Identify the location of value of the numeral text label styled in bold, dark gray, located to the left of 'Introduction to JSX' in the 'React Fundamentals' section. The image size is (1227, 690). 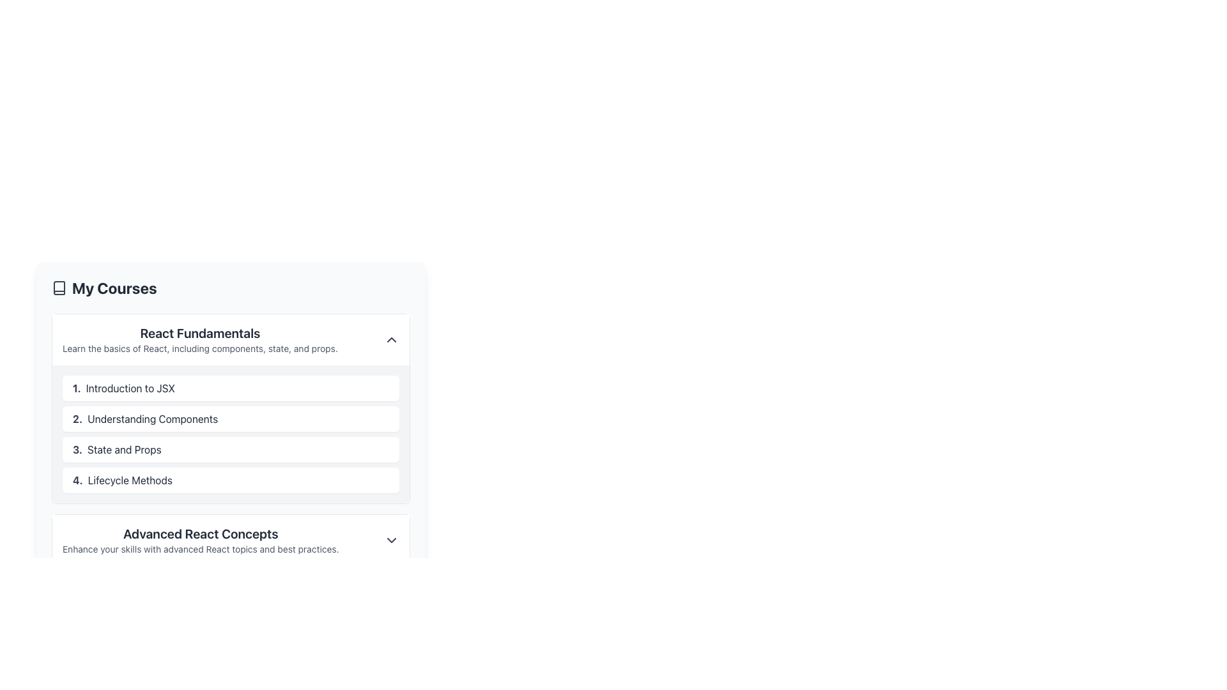
(76, 388).